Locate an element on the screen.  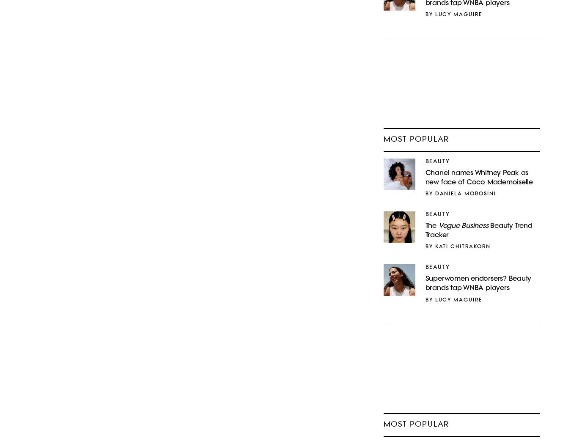
'Chanel names Whitney Peak as new face of Coco Mademoiselle' is located at coordinates (425, 178).